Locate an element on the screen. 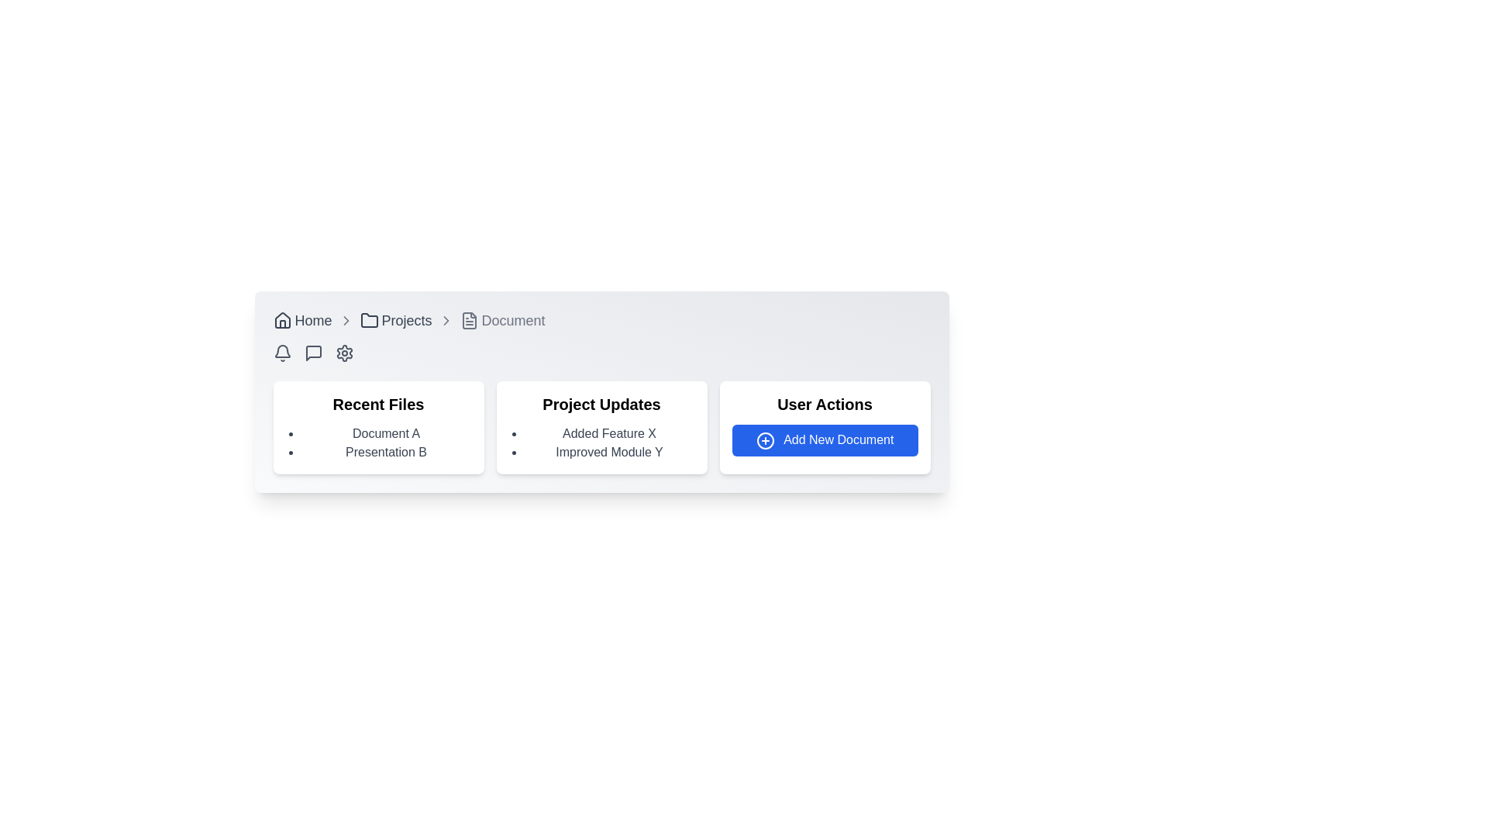 The image size is (1488, 837). information from the Text Label indicating the updated feature 'Improved Module Y', which is the second item in the bulleted list of the 'Project Updates' panel, located below 'Added Feature X' is located at coordinates (608, 452).